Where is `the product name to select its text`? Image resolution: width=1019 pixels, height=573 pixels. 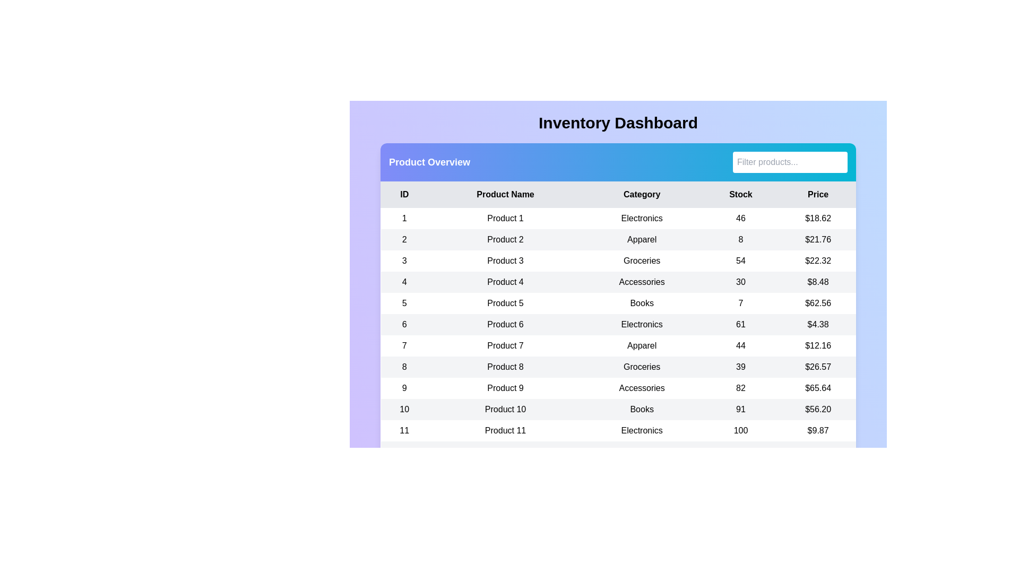
the product name to select its text is located at coordinates (504, 218).